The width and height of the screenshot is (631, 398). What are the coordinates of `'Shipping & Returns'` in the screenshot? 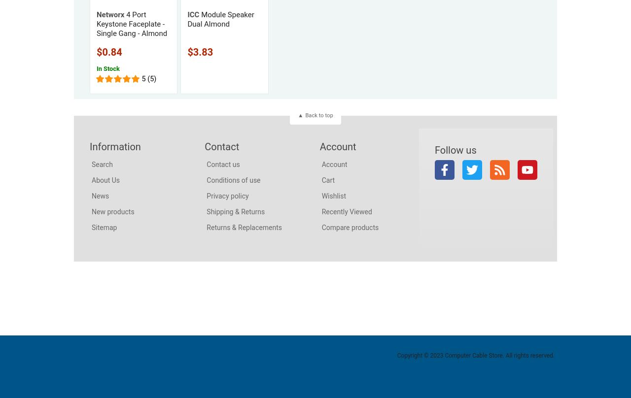 It's located at (235, 211).